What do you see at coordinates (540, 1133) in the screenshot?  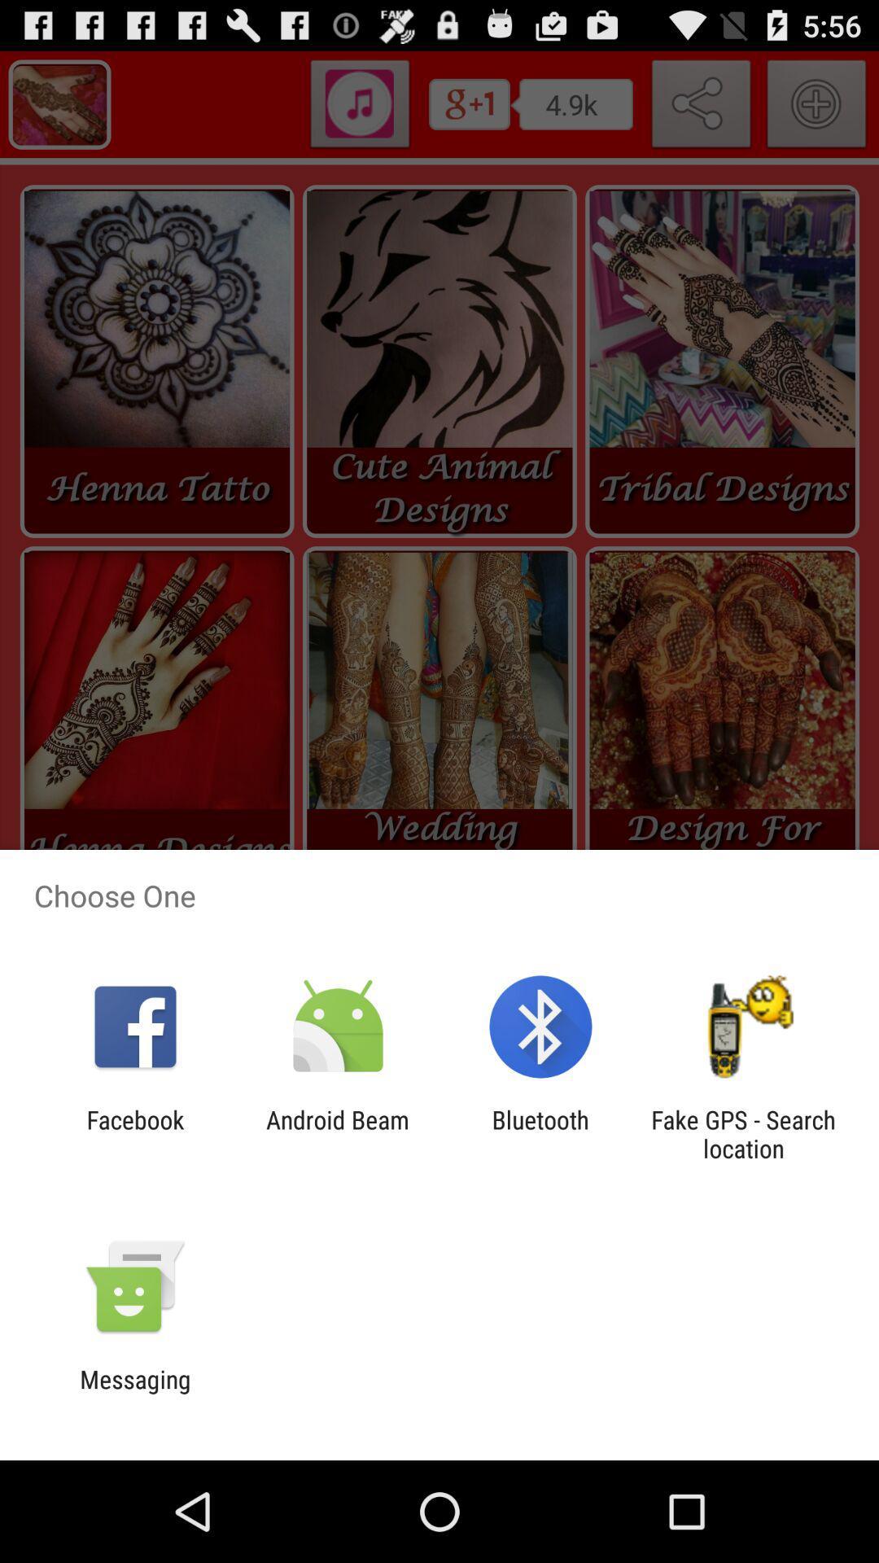 I see `the app to the right of android beam` at bounding box center [540, 1133].